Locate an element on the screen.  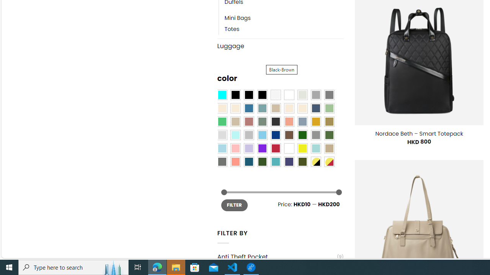
'Peach Pink' is located at coordinates (235, 162).